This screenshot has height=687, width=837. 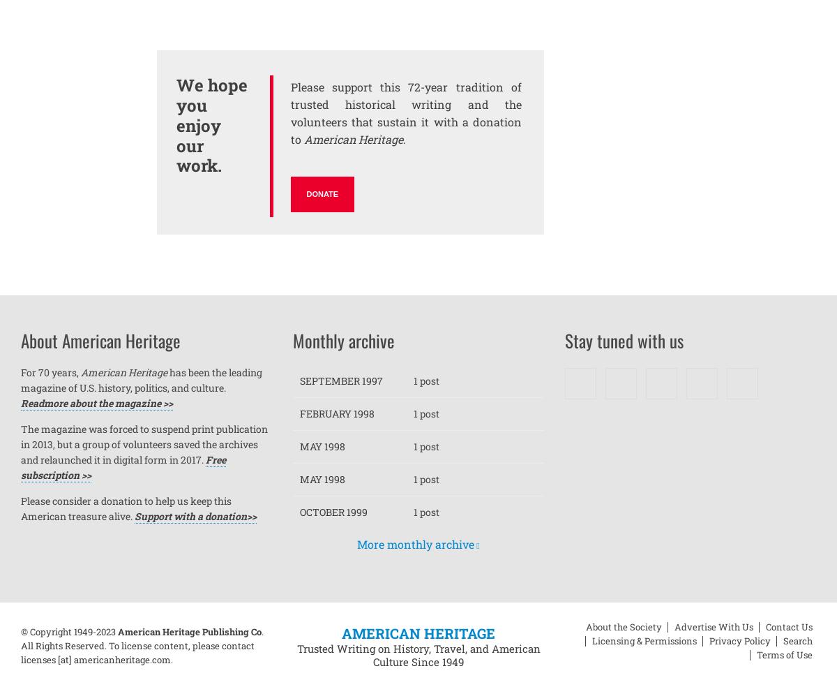 What do you see at coordinates (143, 443) in the screenshot?
I see `'The magazine was forced to suspend print publication in 2013, but a group of volunteers saved the archives and relaunched it in digital form in 2017.'` at bounding box center [143, 443].